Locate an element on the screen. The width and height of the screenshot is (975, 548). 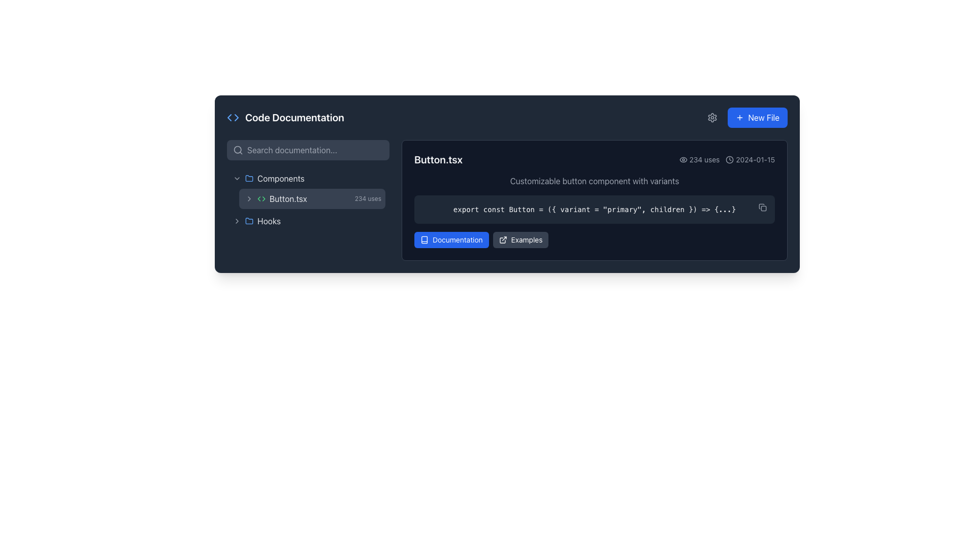
the right-pointing chevron icon, which is styled with a gray color and located in a rounded rectangular area with a dark background is located at coordinates (236, 220).